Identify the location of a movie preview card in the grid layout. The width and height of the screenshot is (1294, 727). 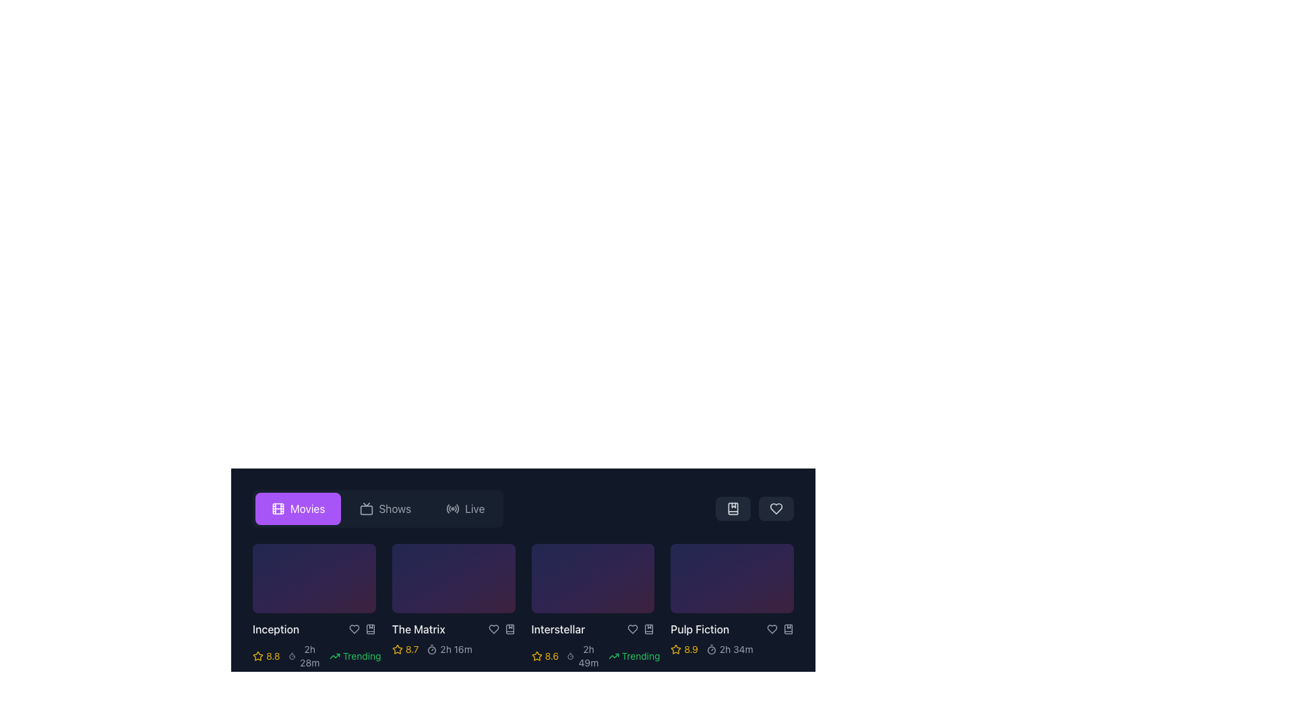
(522, 607).